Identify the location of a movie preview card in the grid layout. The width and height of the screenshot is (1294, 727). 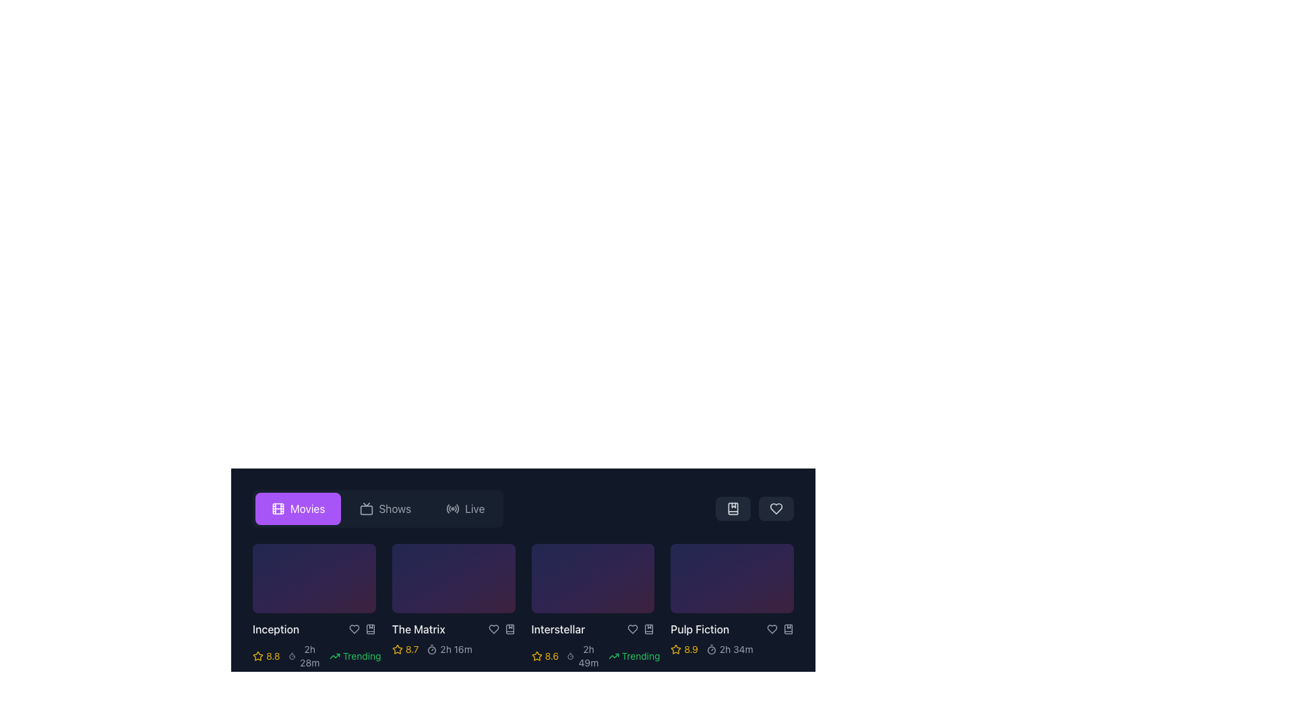
(522, 607).